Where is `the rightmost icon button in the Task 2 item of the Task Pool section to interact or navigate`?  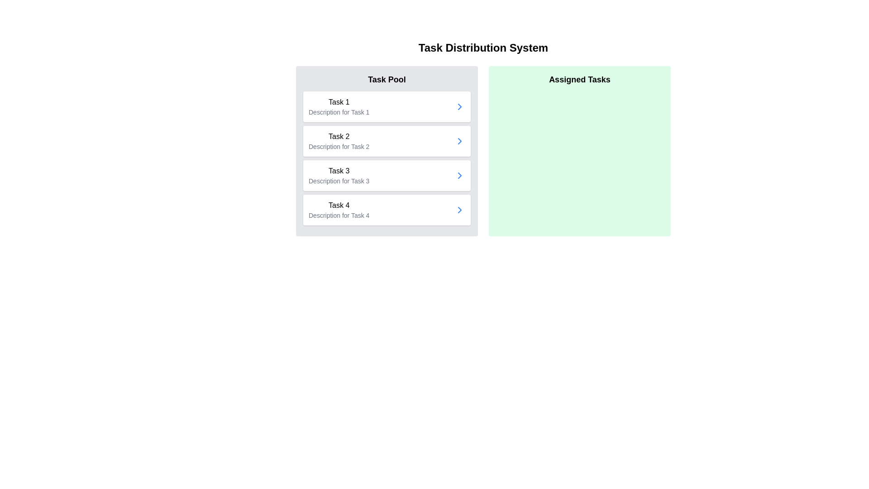 the rightmost icon button in the Task 2 item of the Task Pool section to interact or navigate is located at coordinates (460, 141).